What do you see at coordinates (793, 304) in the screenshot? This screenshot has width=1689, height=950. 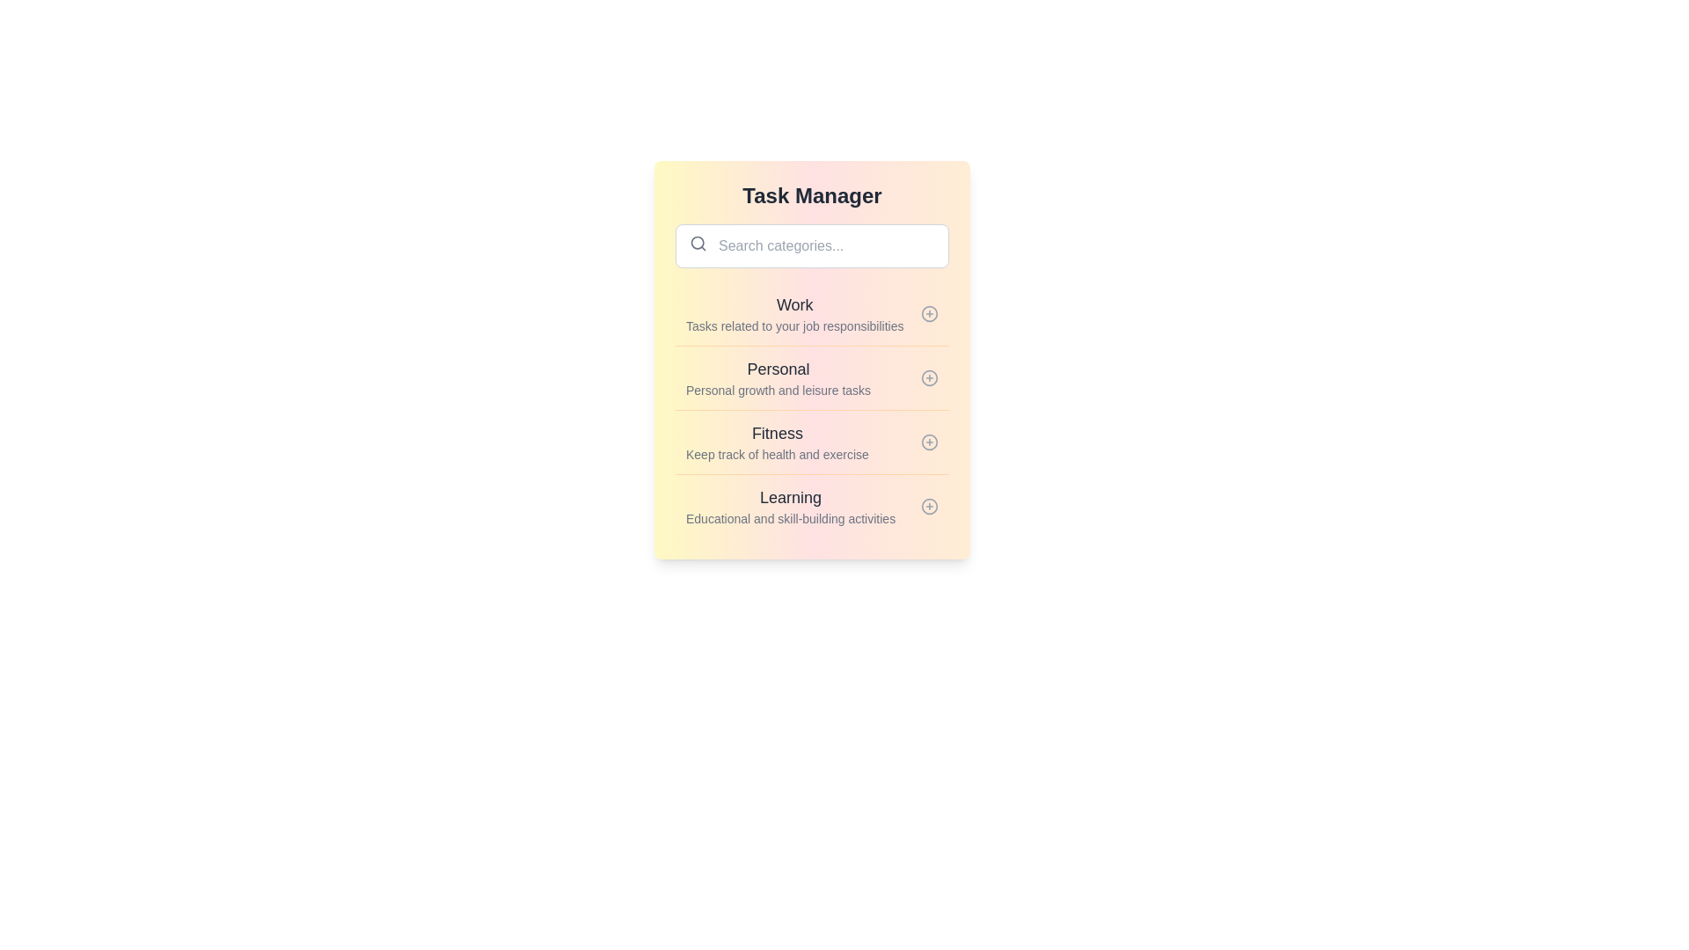 I see `the text label reading 'Work', which is styled in a larger font size with medium weight and positioned above the descriptive text 'Tasks related to your job responsibilities' in the 'Task Manager' interface` at bounding box center [793, 304].